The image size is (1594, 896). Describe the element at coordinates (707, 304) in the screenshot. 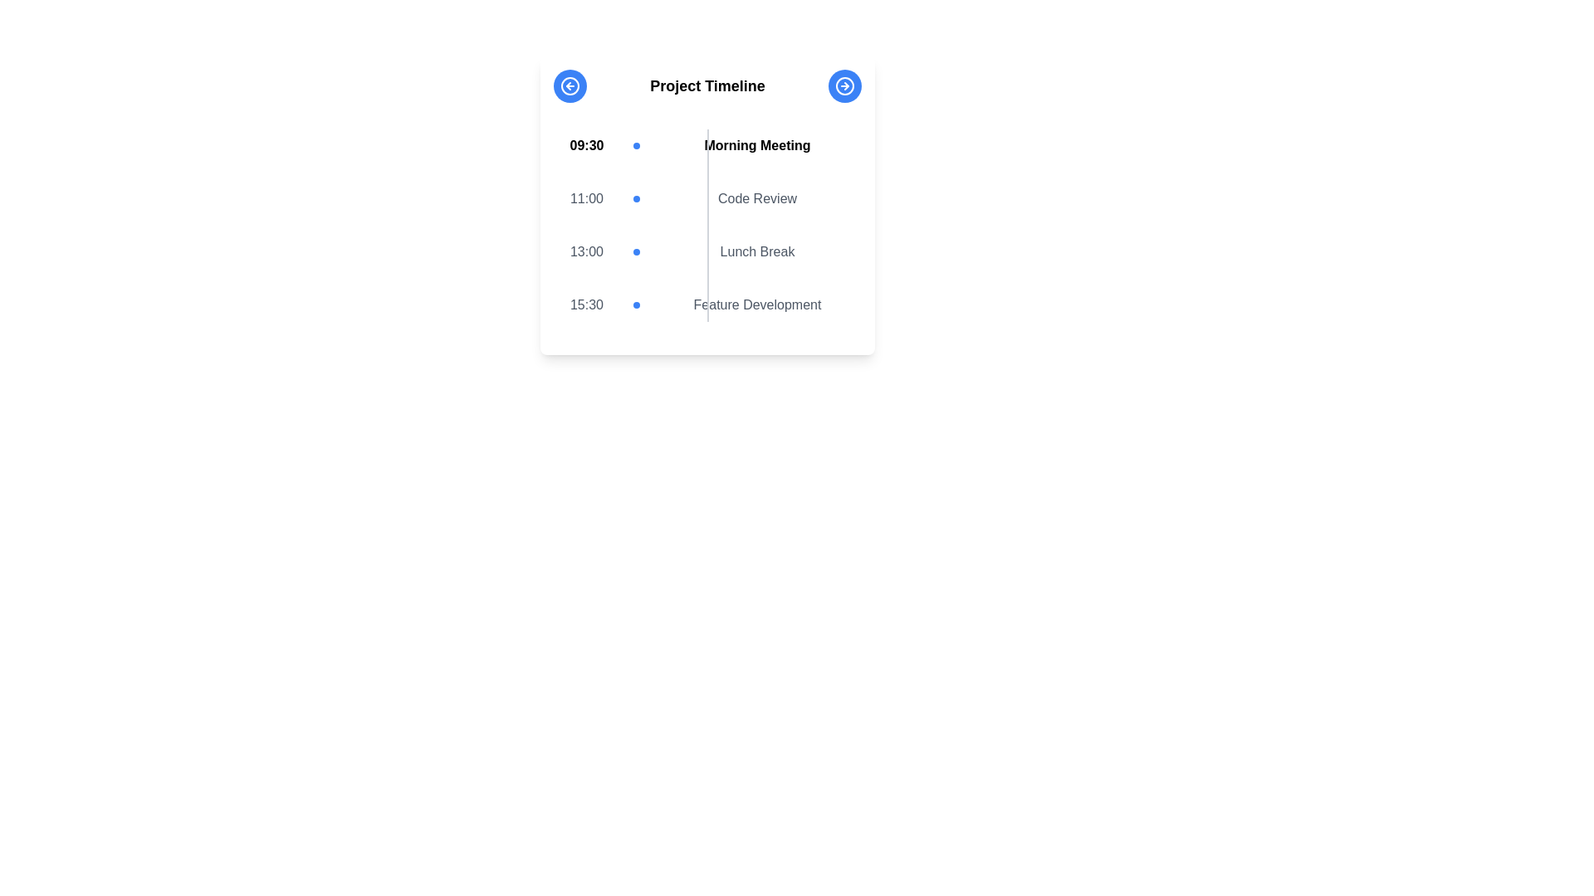

I see `the time slot list item for 'Feature Development' at '15:30', located at the fourth position under 'Project Timeline'` at that location.